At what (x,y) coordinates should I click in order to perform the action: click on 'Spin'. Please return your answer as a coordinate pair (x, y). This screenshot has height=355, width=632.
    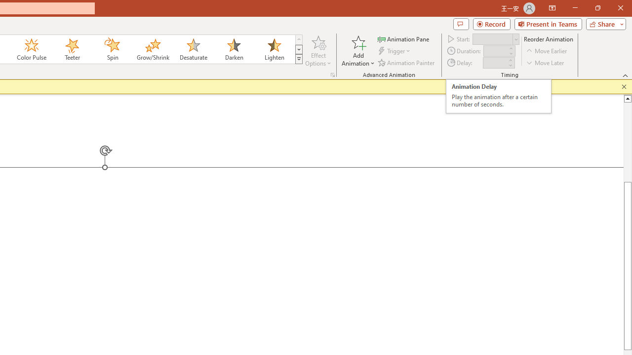
    Looking at the image, I should click on (112, 49).